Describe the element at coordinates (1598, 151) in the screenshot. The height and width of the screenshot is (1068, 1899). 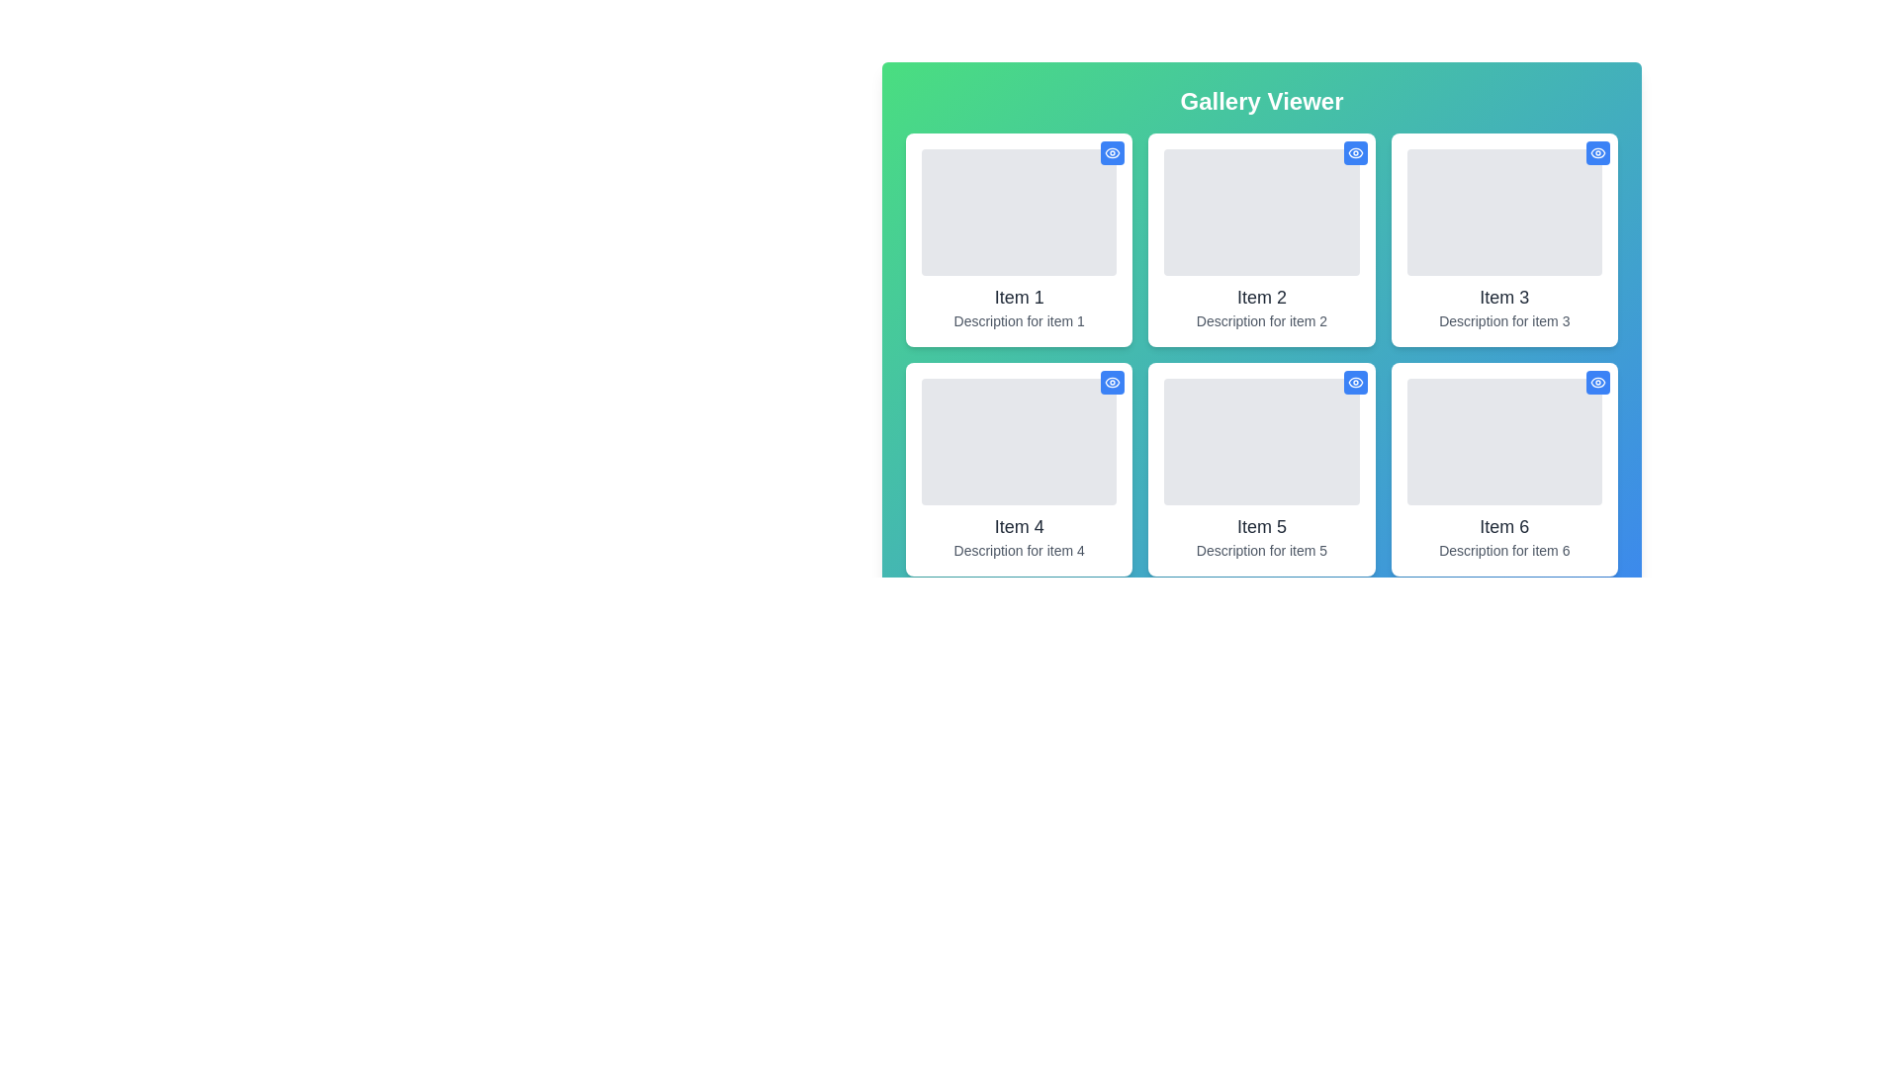
I see `the button in the top-right corner of the card labeled 'Item 3'` at that location.